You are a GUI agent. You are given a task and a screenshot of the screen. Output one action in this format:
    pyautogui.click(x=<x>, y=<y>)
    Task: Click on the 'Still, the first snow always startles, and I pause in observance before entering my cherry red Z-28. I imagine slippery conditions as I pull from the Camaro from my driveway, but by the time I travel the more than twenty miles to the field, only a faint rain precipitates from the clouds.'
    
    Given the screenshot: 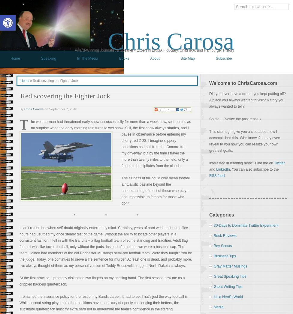 What is the action you would take?
    pyautogui.click(x=121, y=146)
    